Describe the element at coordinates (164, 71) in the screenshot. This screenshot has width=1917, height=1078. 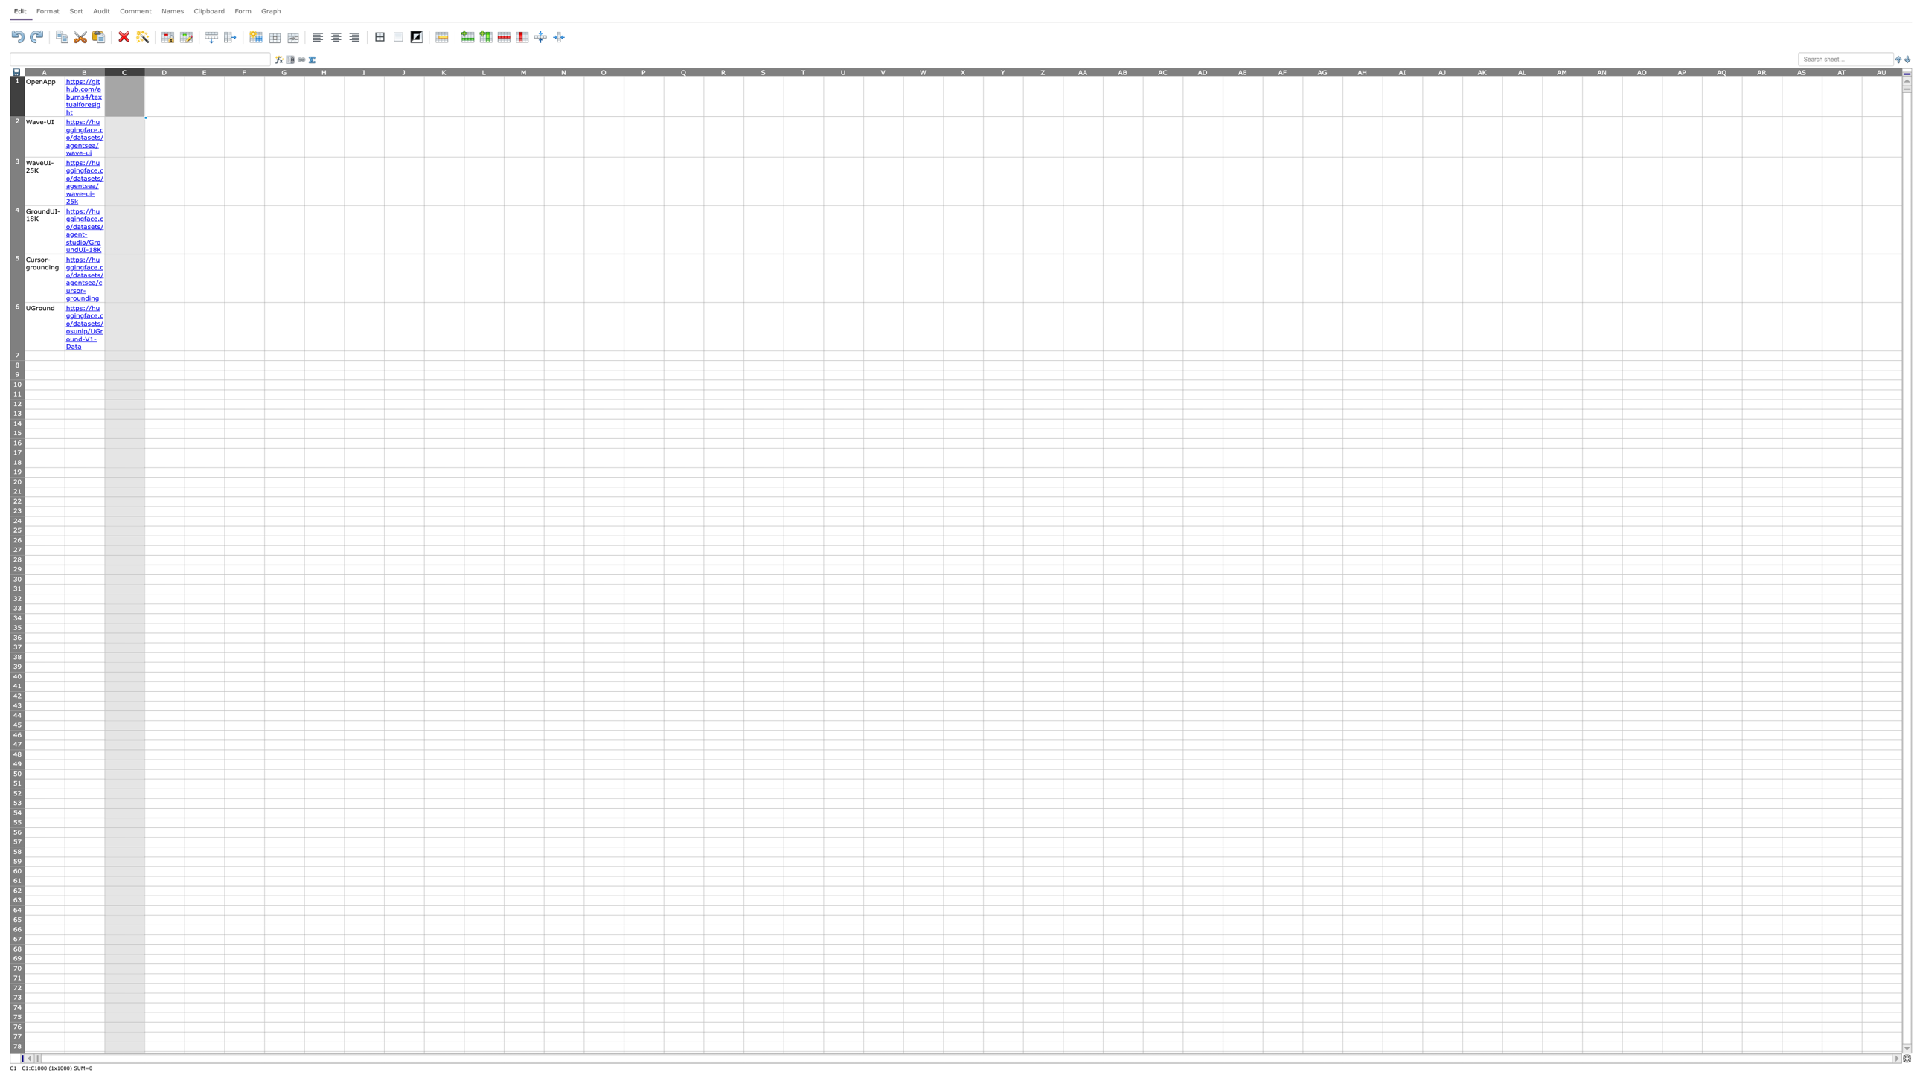
I see `to activate column D` at that location.